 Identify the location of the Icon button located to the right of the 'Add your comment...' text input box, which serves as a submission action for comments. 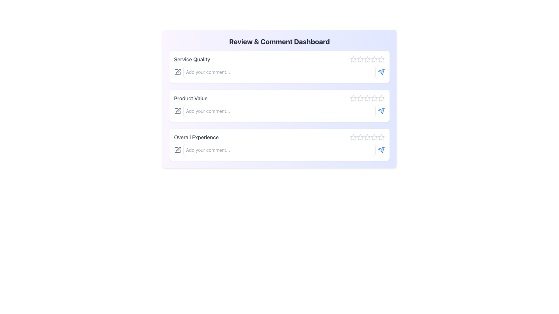
(381, 72).